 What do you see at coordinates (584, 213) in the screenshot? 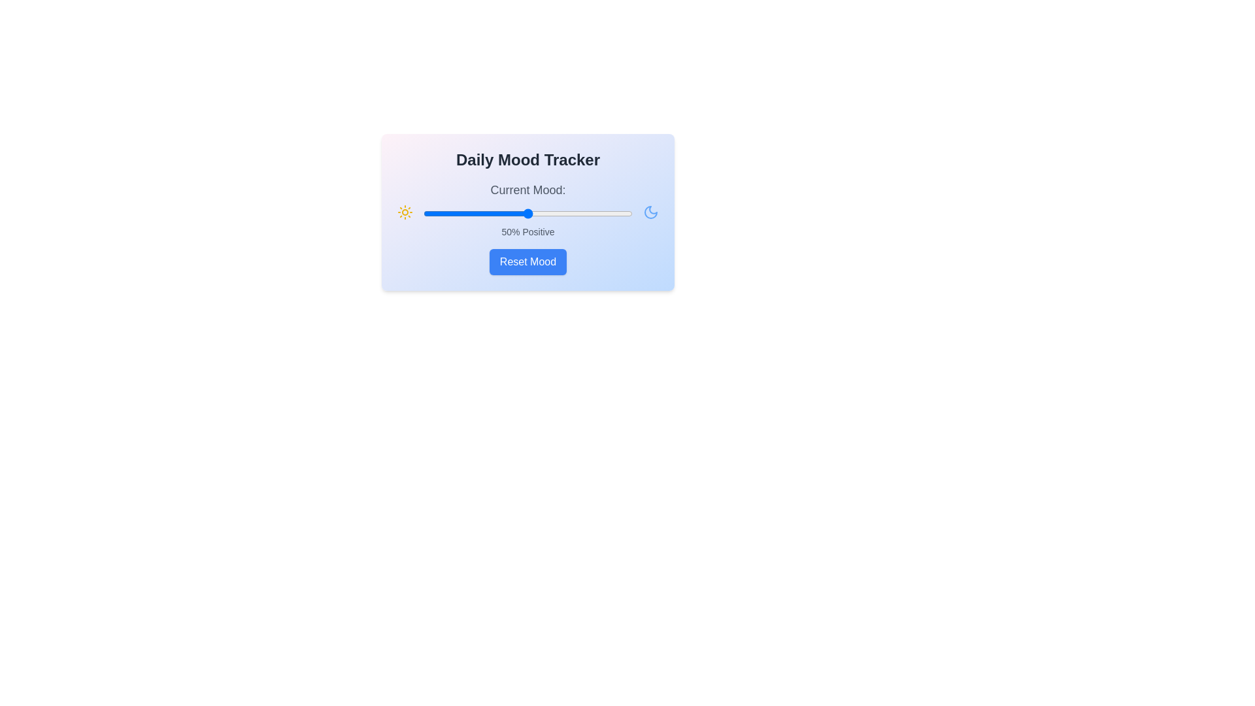
I see `mood rating` at bounding box center [584, 213].